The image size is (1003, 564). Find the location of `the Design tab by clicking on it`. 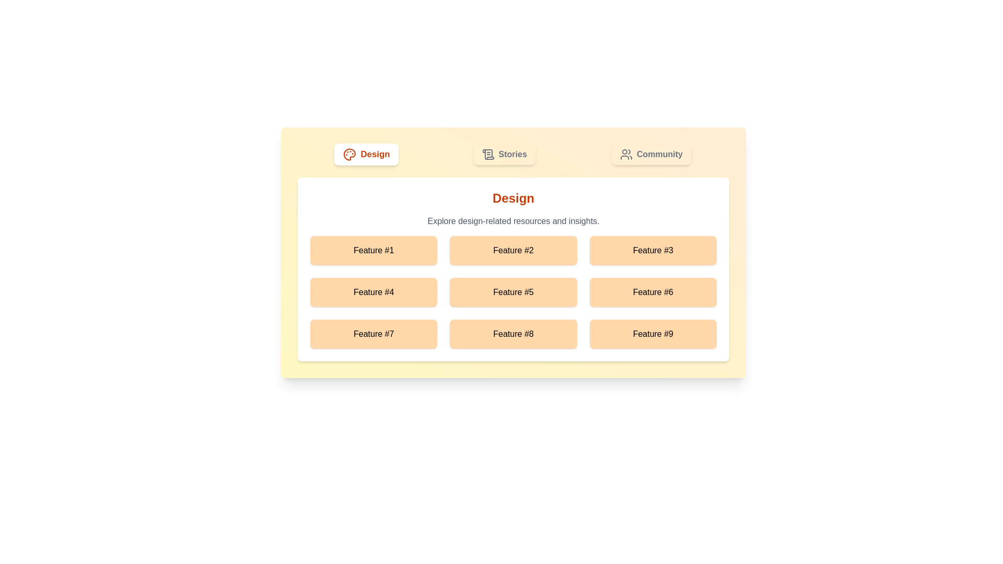

the Design tab by clicking on it is located at coordinates (366, 155).